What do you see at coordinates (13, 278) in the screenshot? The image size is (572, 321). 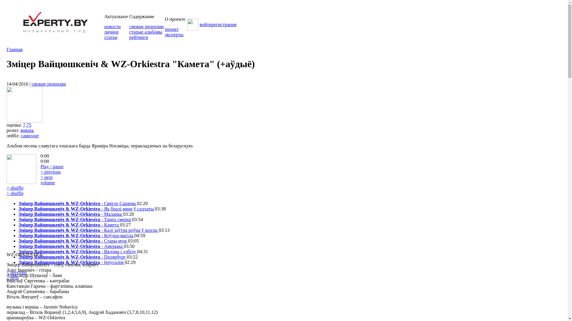 I see `'> next'` at bounding box center [13, 278].